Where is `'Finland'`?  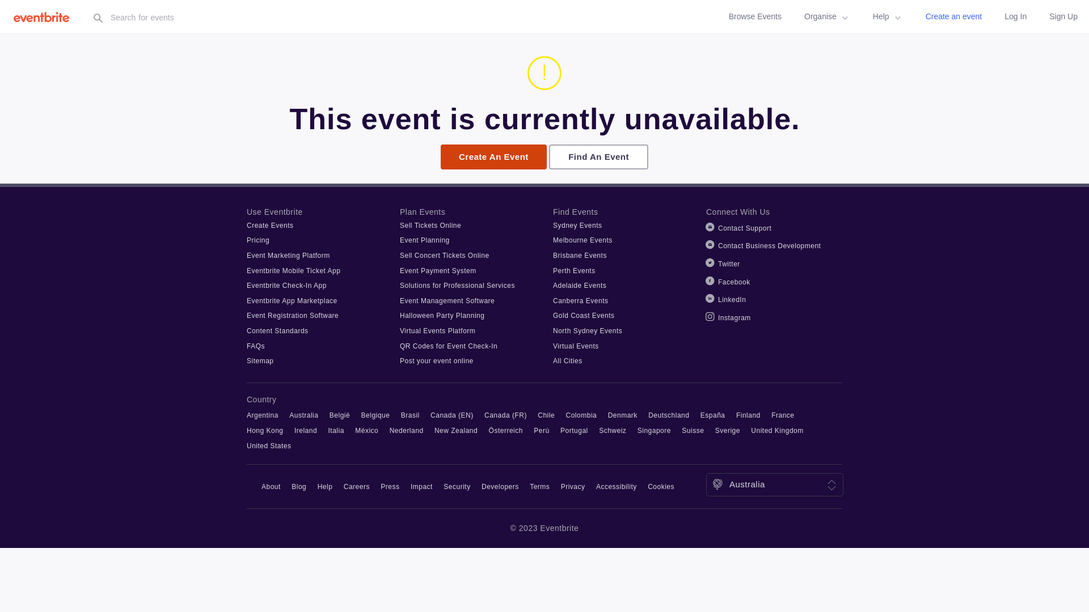 'Finland' is located at coordinates (748, 415).